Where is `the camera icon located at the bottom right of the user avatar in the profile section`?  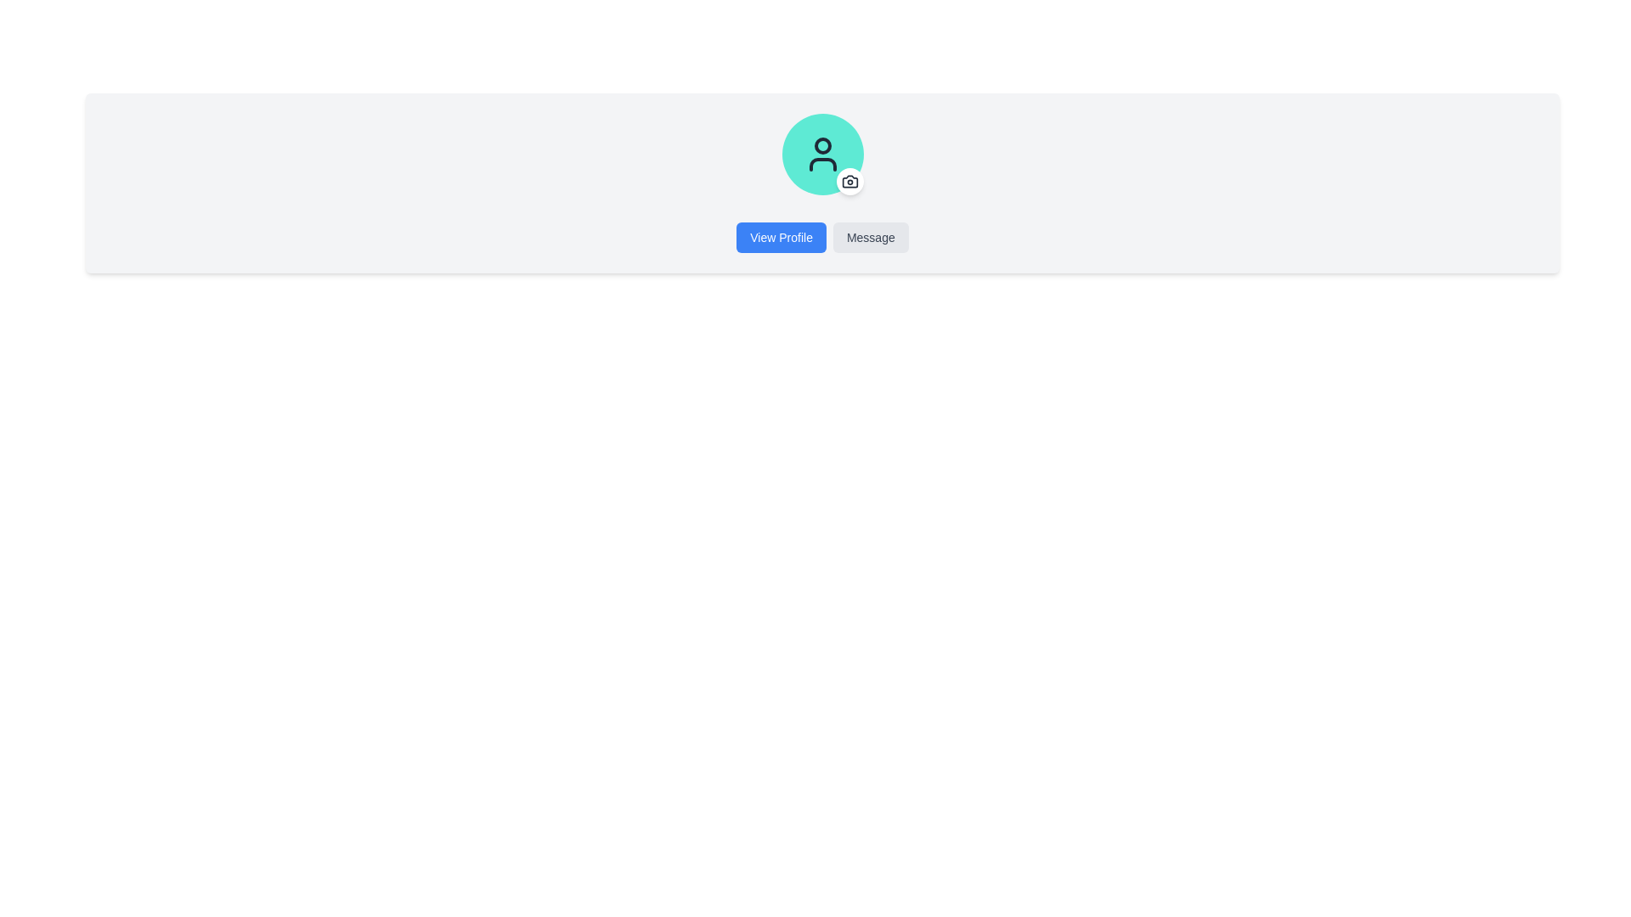
the camera icon located at the bottom right of the user avatar in the profile section is located at coordinates (849, 181).